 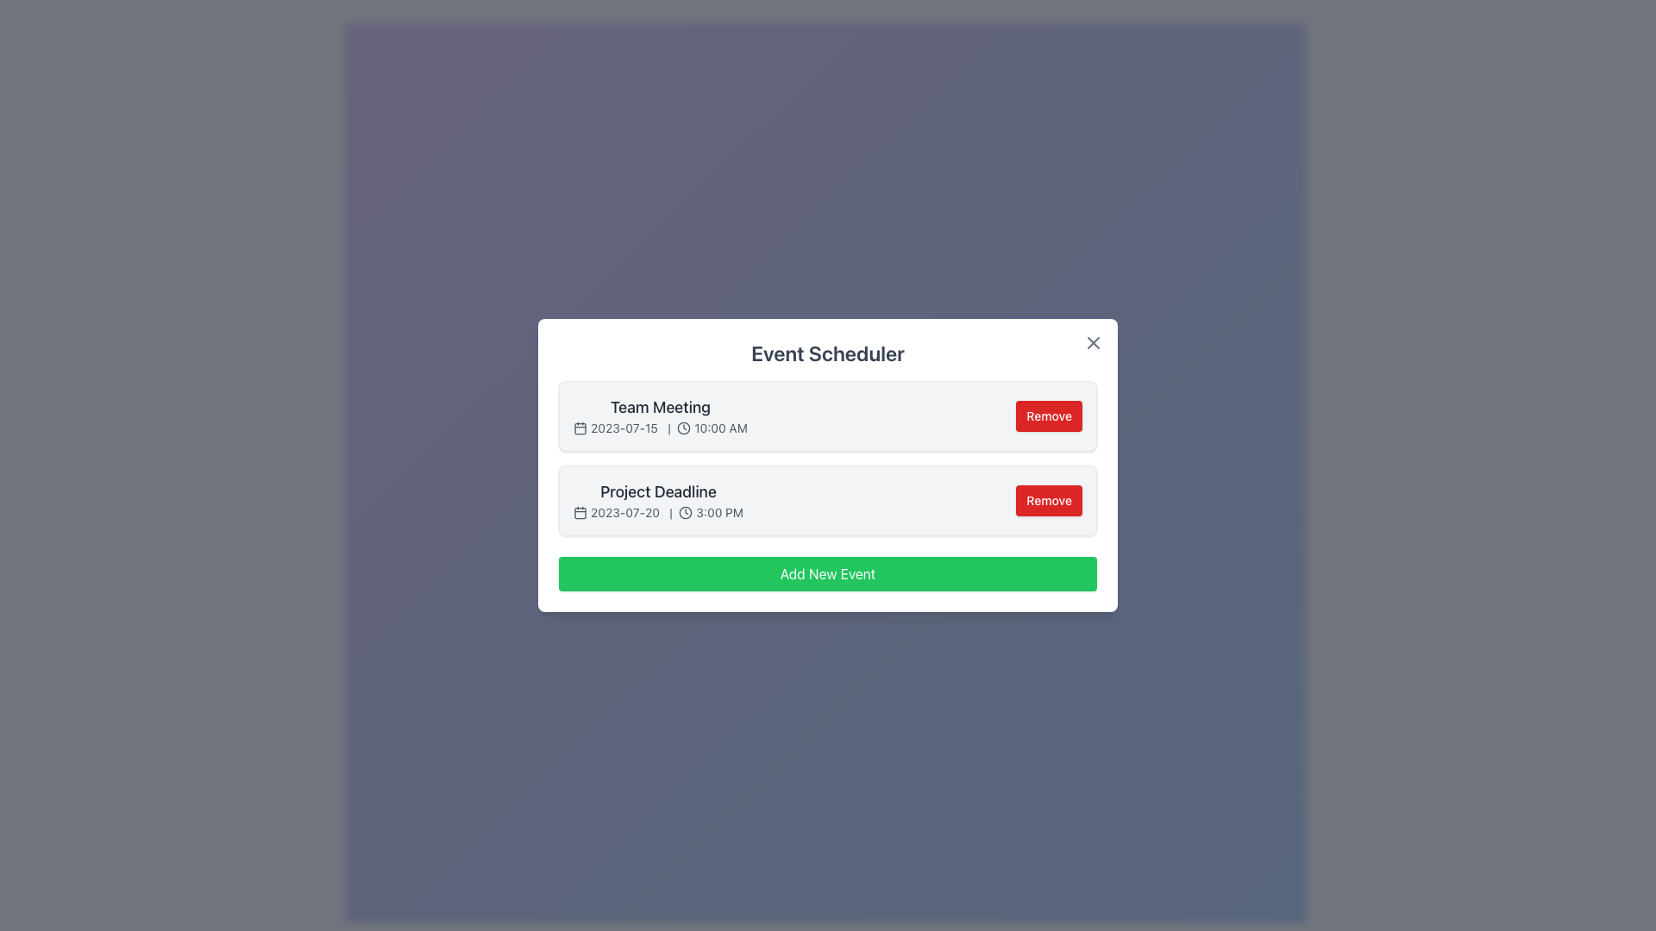 What do you see at coordinates (1048, 501) in the screenshot?
I see `the red rectangular 'Remove' button with rounded corners to observe the hover effect` at bounding box center [1048, 501].